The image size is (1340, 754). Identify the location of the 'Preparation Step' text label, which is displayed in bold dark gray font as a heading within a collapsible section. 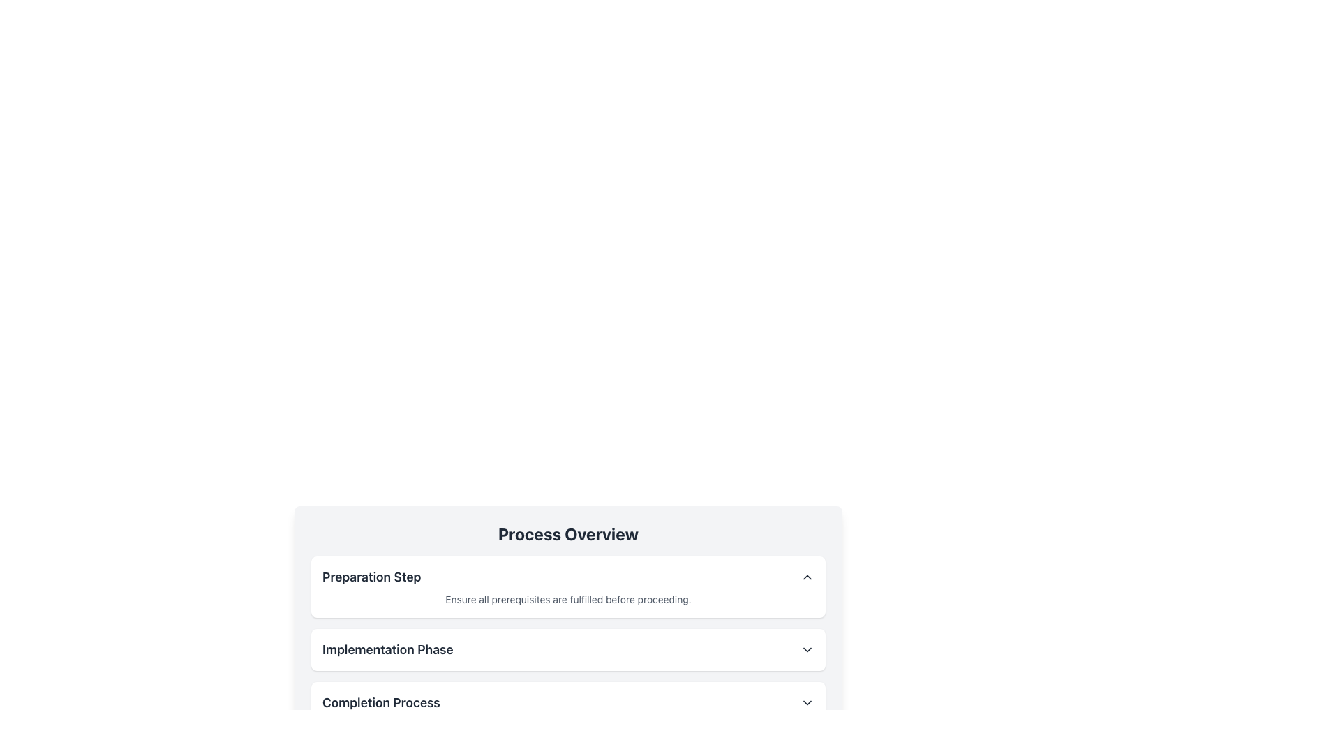
(371, 577).